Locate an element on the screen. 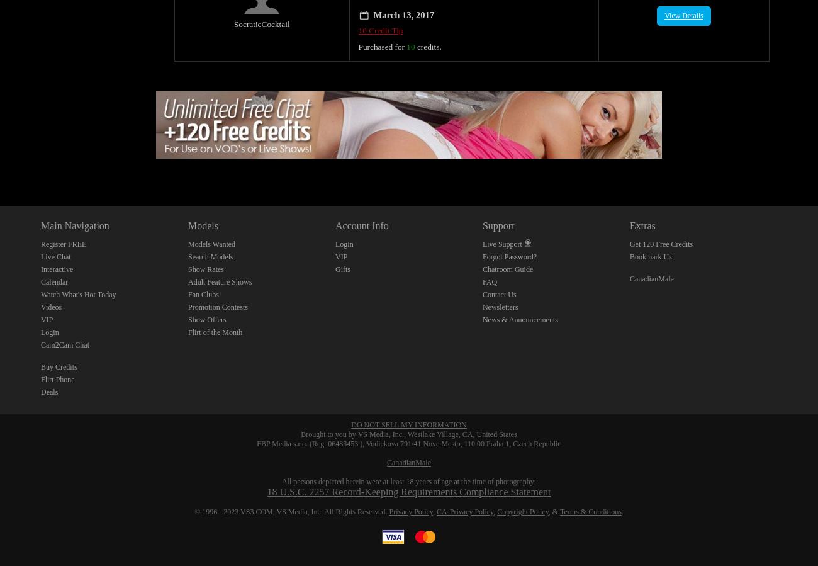  'Flirt of the Month' is located at coordinates (214, 318).